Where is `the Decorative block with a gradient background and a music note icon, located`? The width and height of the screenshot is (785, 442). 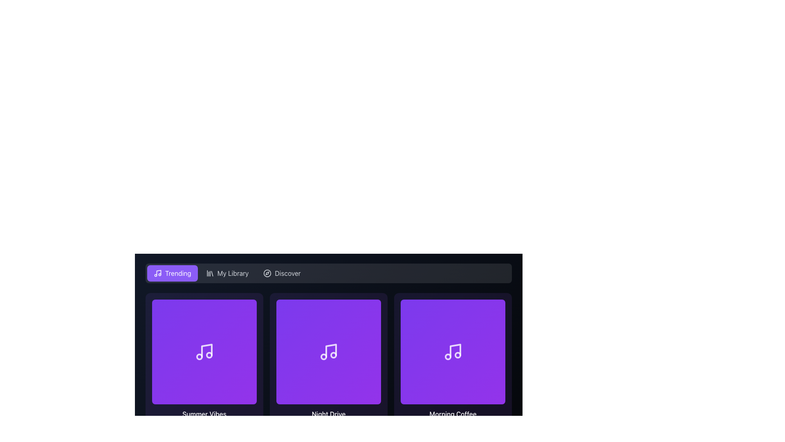
the Decorative block with a gradient background and a music note icon, located is located at coordinates (204, 352).